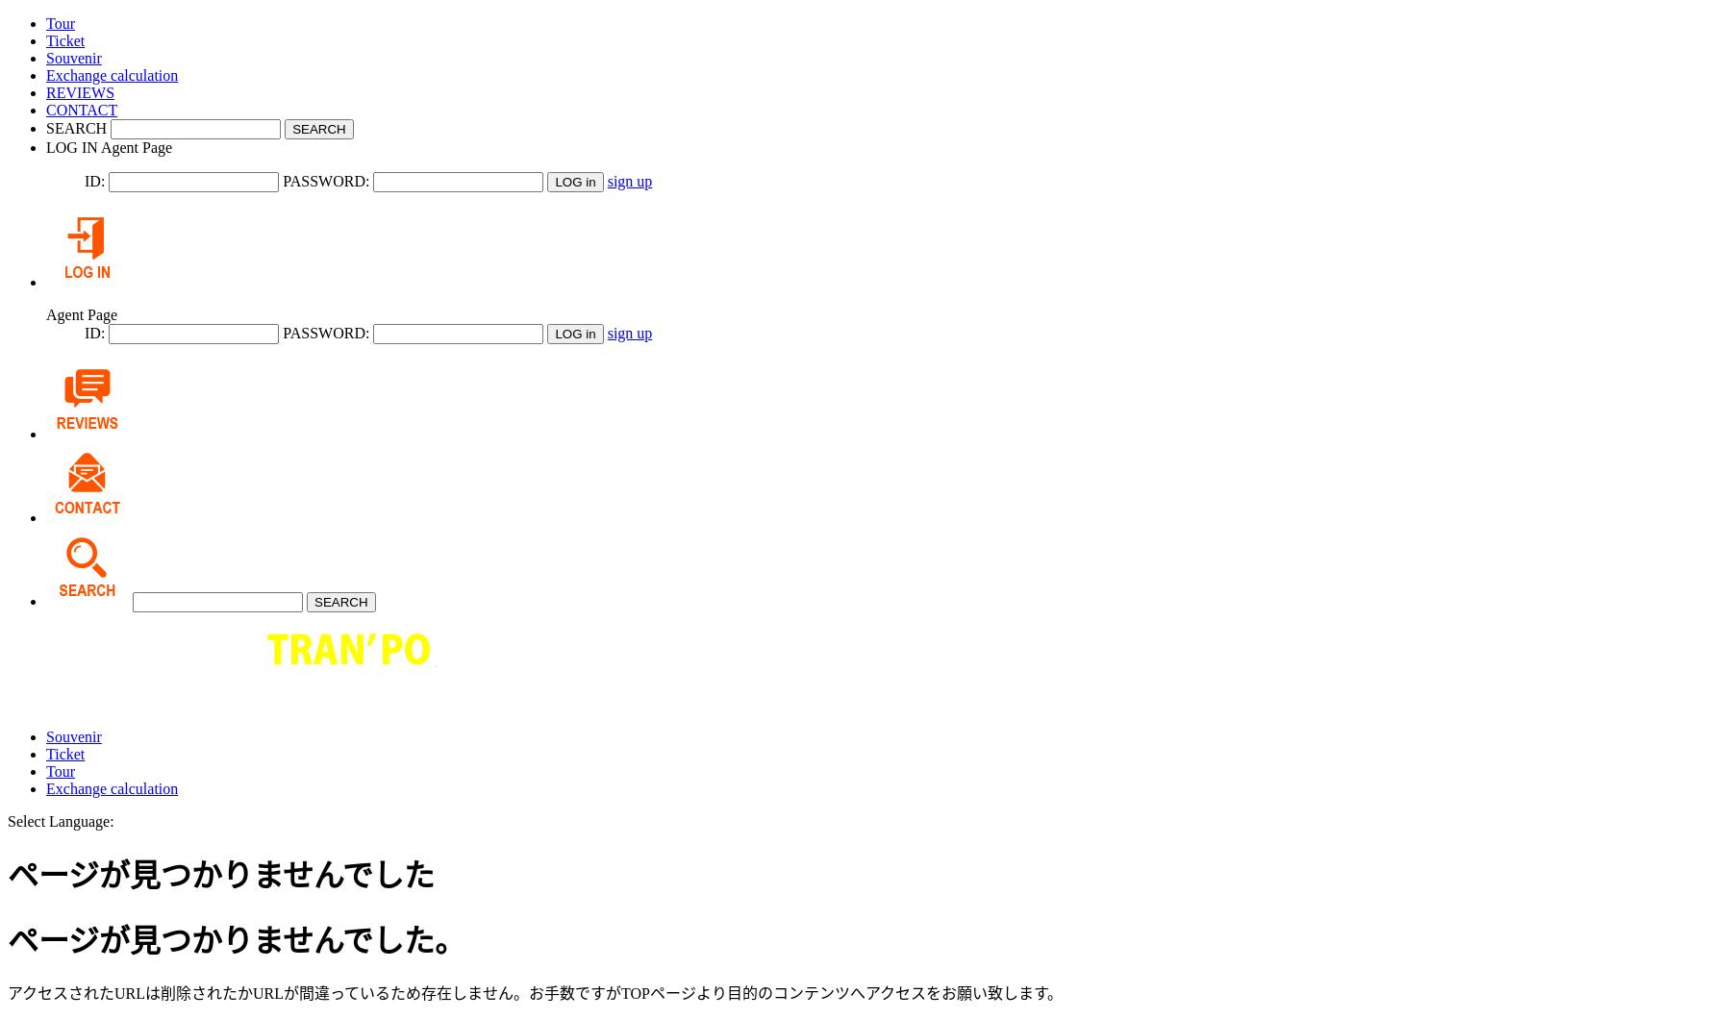 The width and height of the screenshot is (1731, 1019). What do you see at coordinates (75, 127) in the screenshot?
I see `'SEARCH'` at bounding box center [75, 127].